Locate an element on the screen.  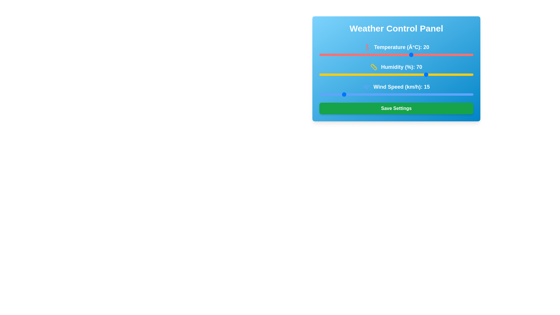
the humidity slider is located at coordinates (341, 74).